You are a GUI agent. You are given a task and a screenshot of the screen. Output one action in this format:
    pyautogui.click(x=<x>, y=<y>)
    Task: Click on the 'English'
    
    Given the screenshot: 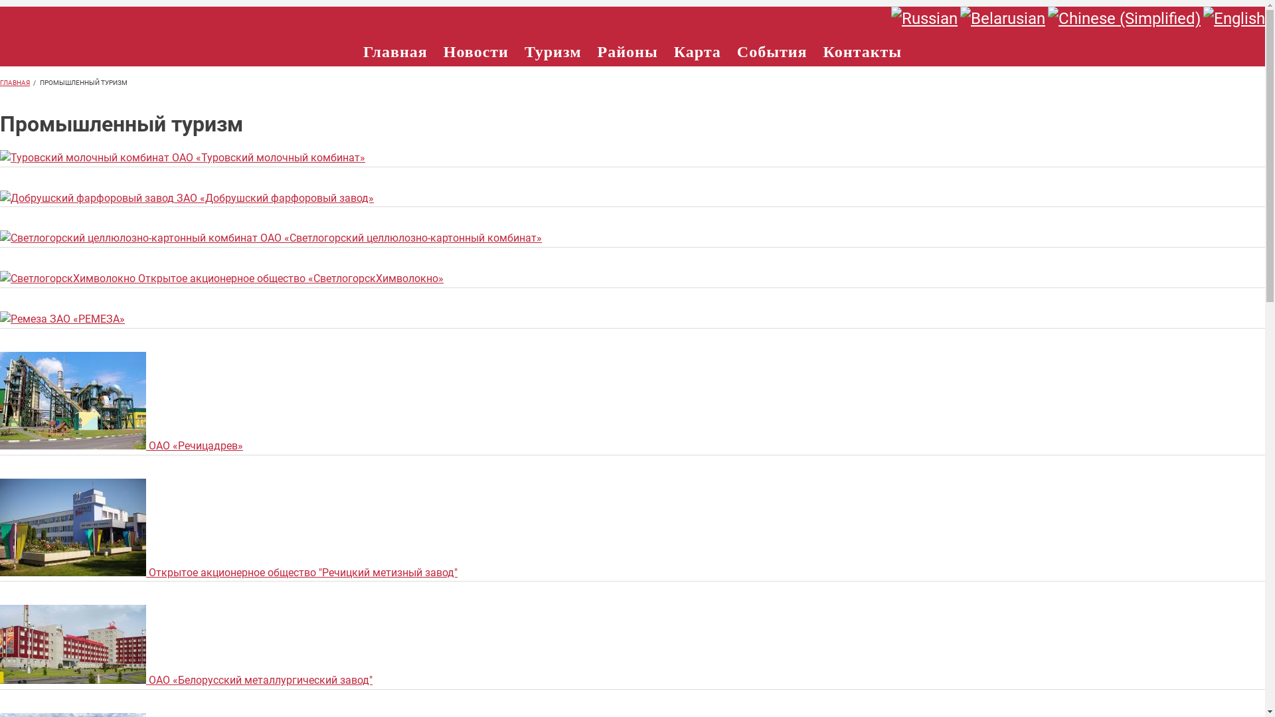 What is the action you would take?
    pyautogui.click(x=1203, y=18)
    